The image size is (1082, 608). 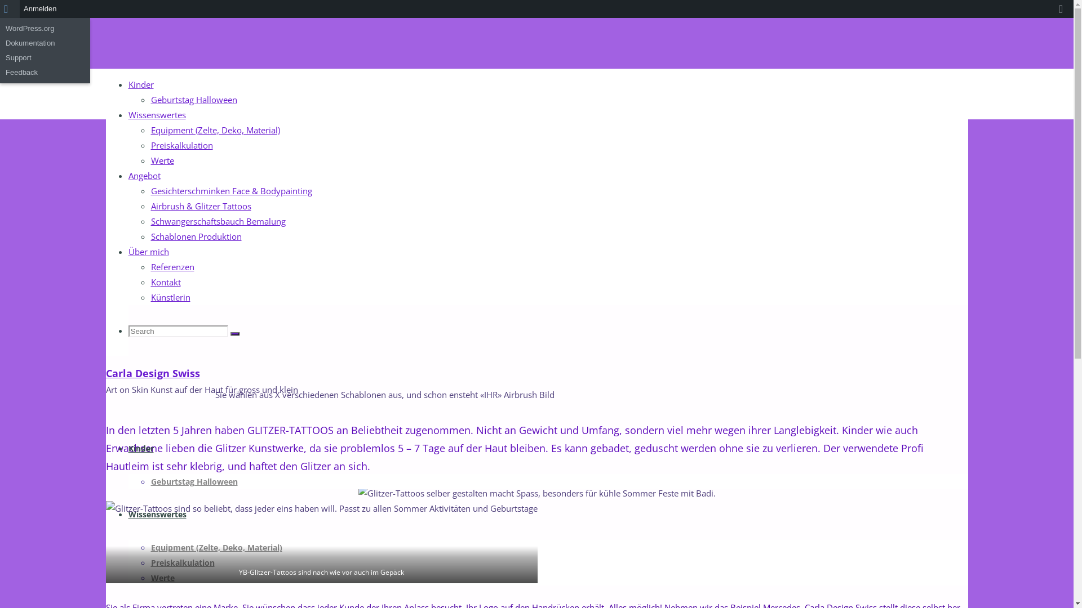 I want to click on 'Angebot', so click(x=128, y=176).